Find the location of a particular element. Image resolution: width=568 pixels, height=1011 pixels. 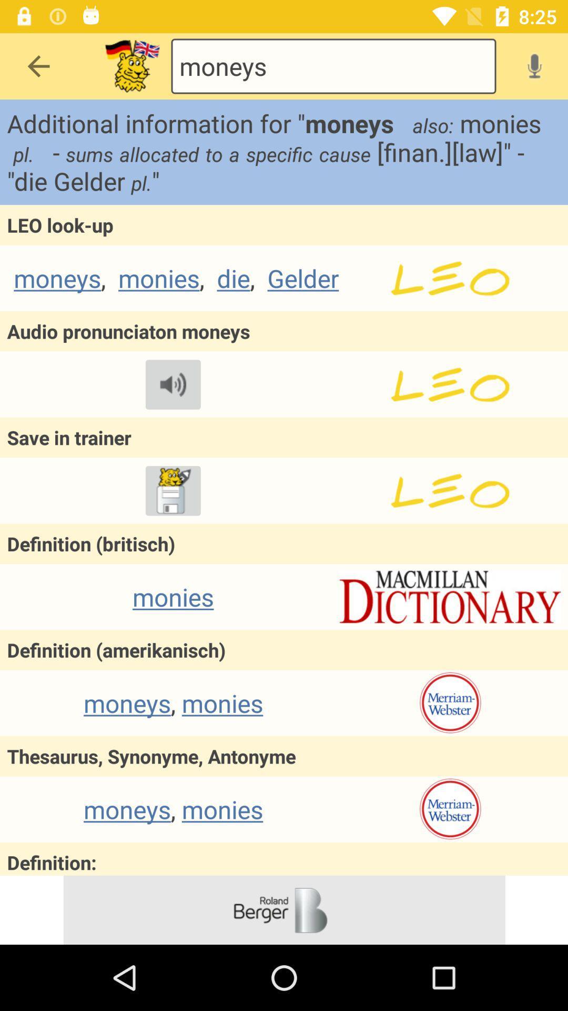

the pronunciation is from leo 's database is located at coordinates (450, 384).